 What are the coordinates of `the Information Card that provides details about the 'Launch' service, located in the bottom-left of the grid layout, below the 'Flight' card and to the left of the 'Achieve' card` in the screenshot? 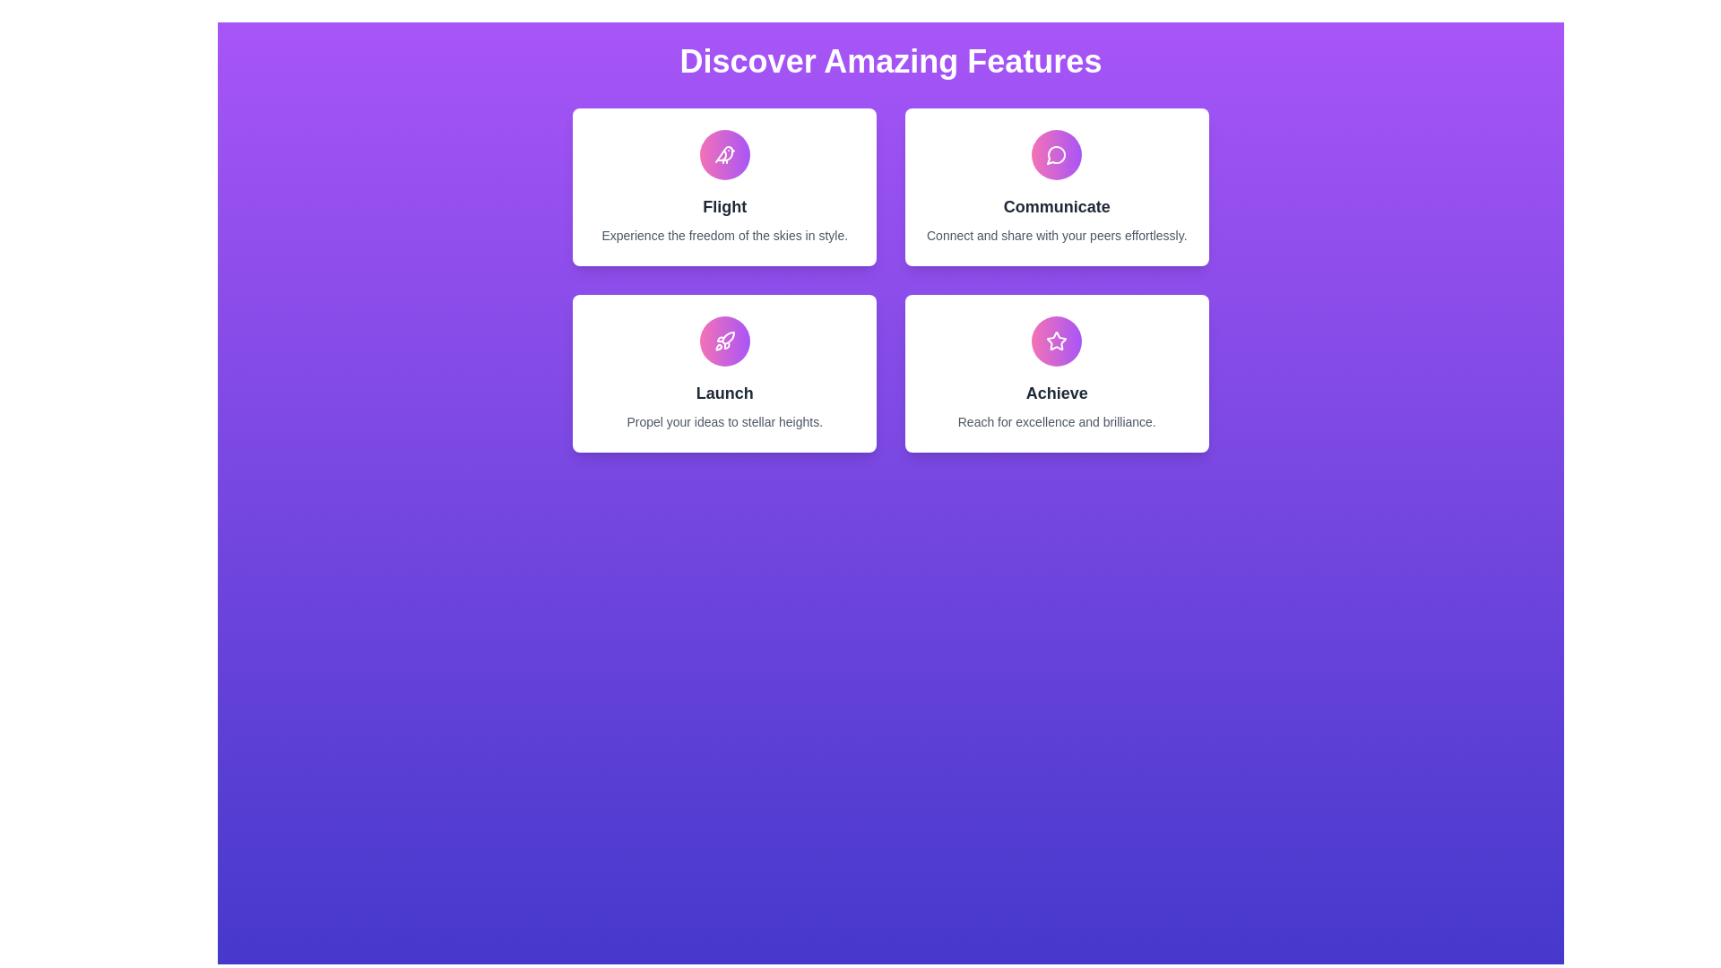 It's located at (724, 372).